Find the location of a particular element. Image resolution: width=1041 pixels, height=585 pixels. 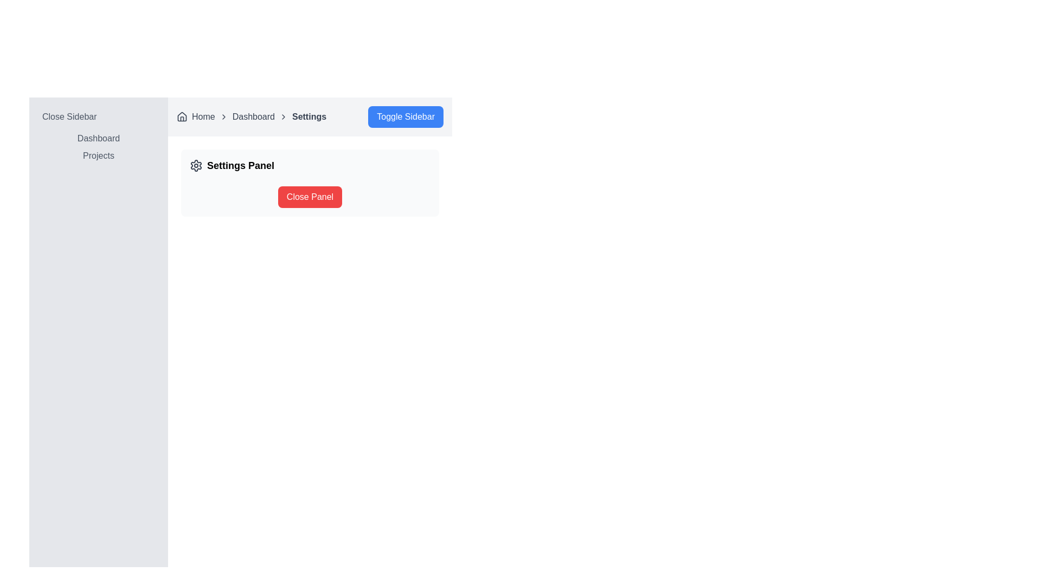

the button located in the top bar towards the right end, which toggles the visibility of the sidebar is located at coordinates (405, 117).